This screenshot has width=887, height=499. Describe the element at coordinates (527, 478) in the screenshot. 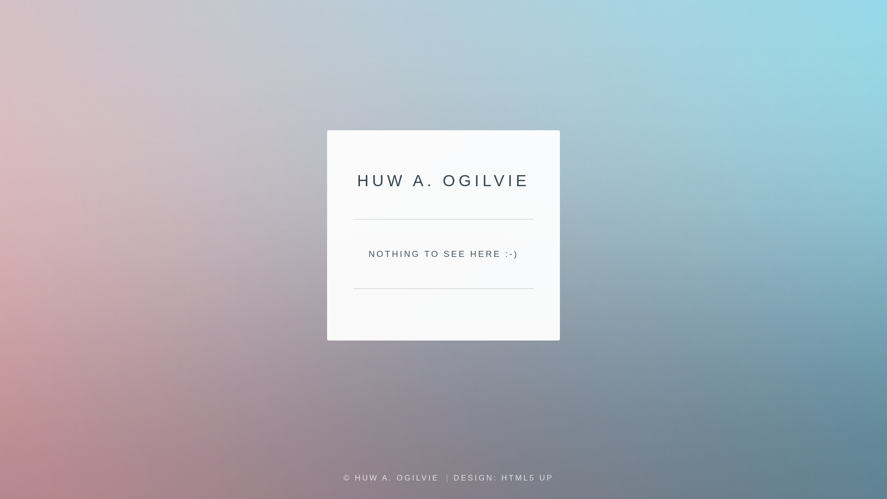

I see `'HTML5 UP'` at that location.